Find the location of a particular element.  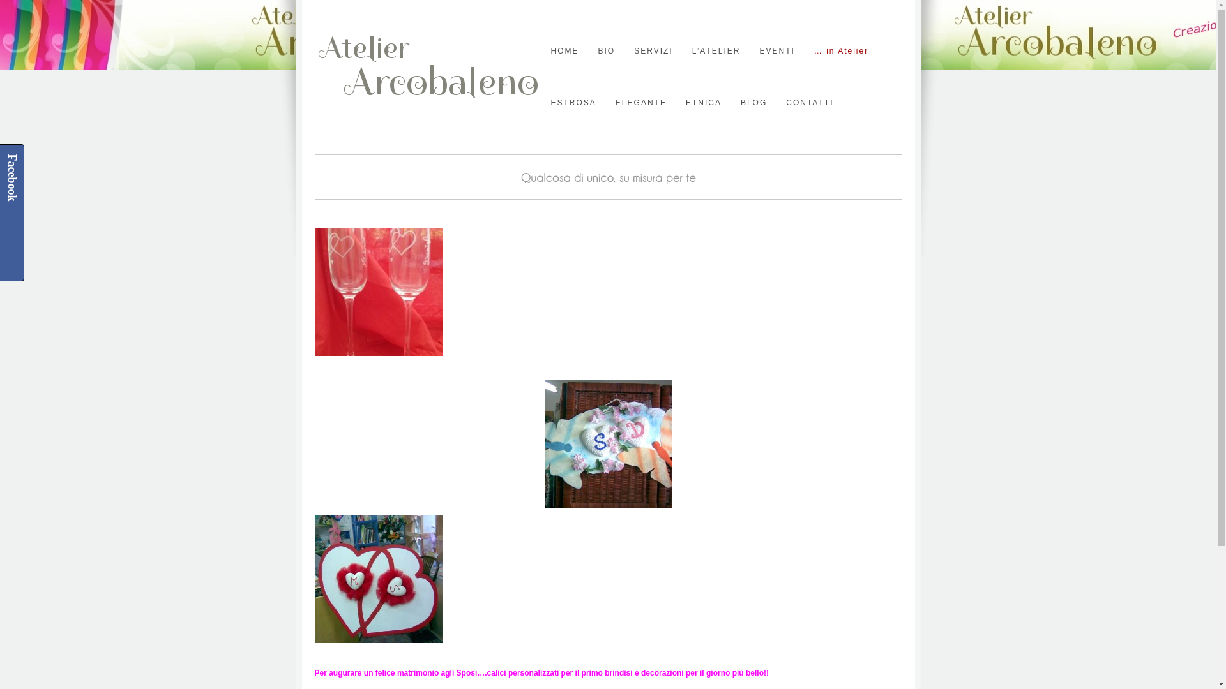

'CONTATTI' is located at coordinates (808, 102).